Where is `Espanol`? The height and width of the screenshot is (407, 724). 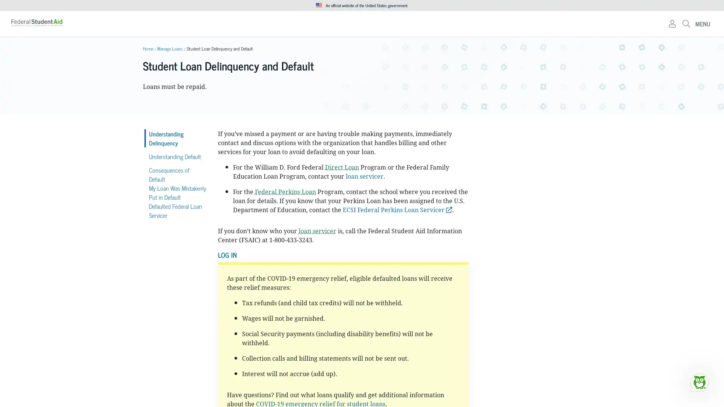 Espanol is located at coordinates (573, 6).